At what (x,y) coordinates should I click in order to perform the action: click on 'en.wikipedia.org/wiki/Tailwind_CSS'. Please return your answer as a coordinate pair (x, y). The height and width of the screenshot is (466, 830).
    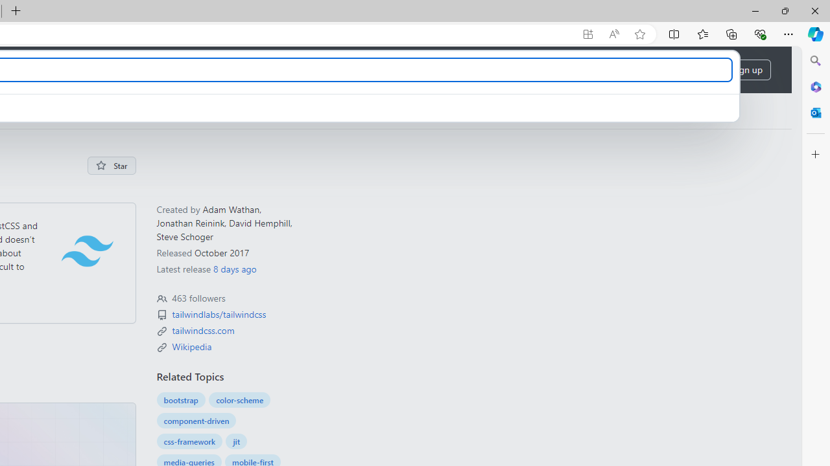
    Looking at the image, I should click on (191, 346).